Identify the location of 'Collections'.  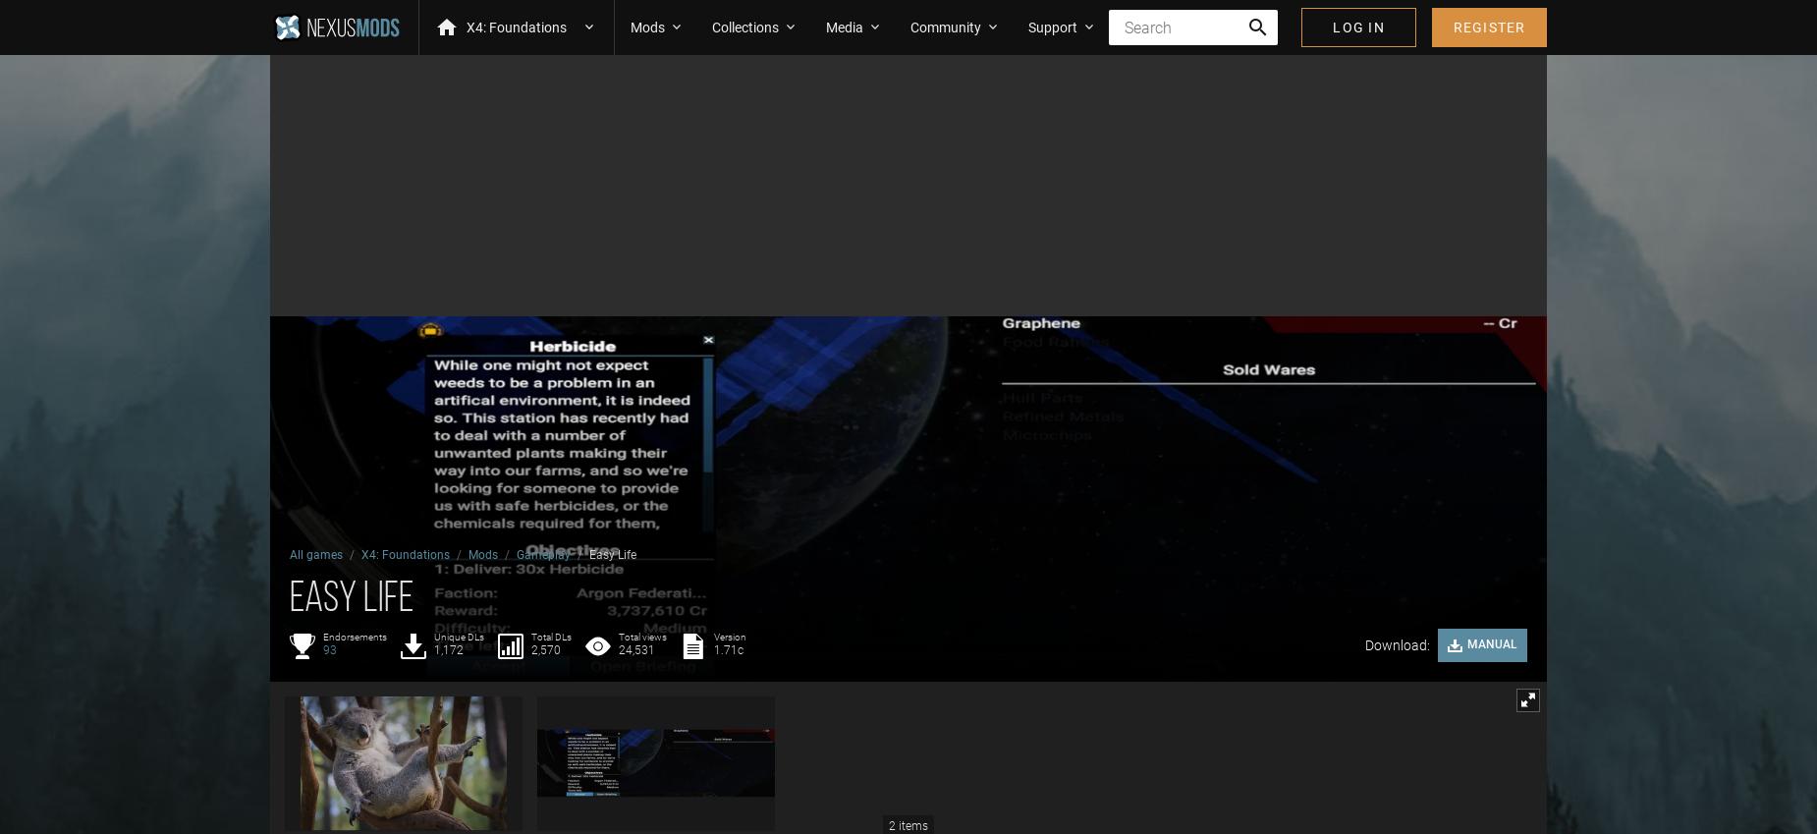
(745, 25).